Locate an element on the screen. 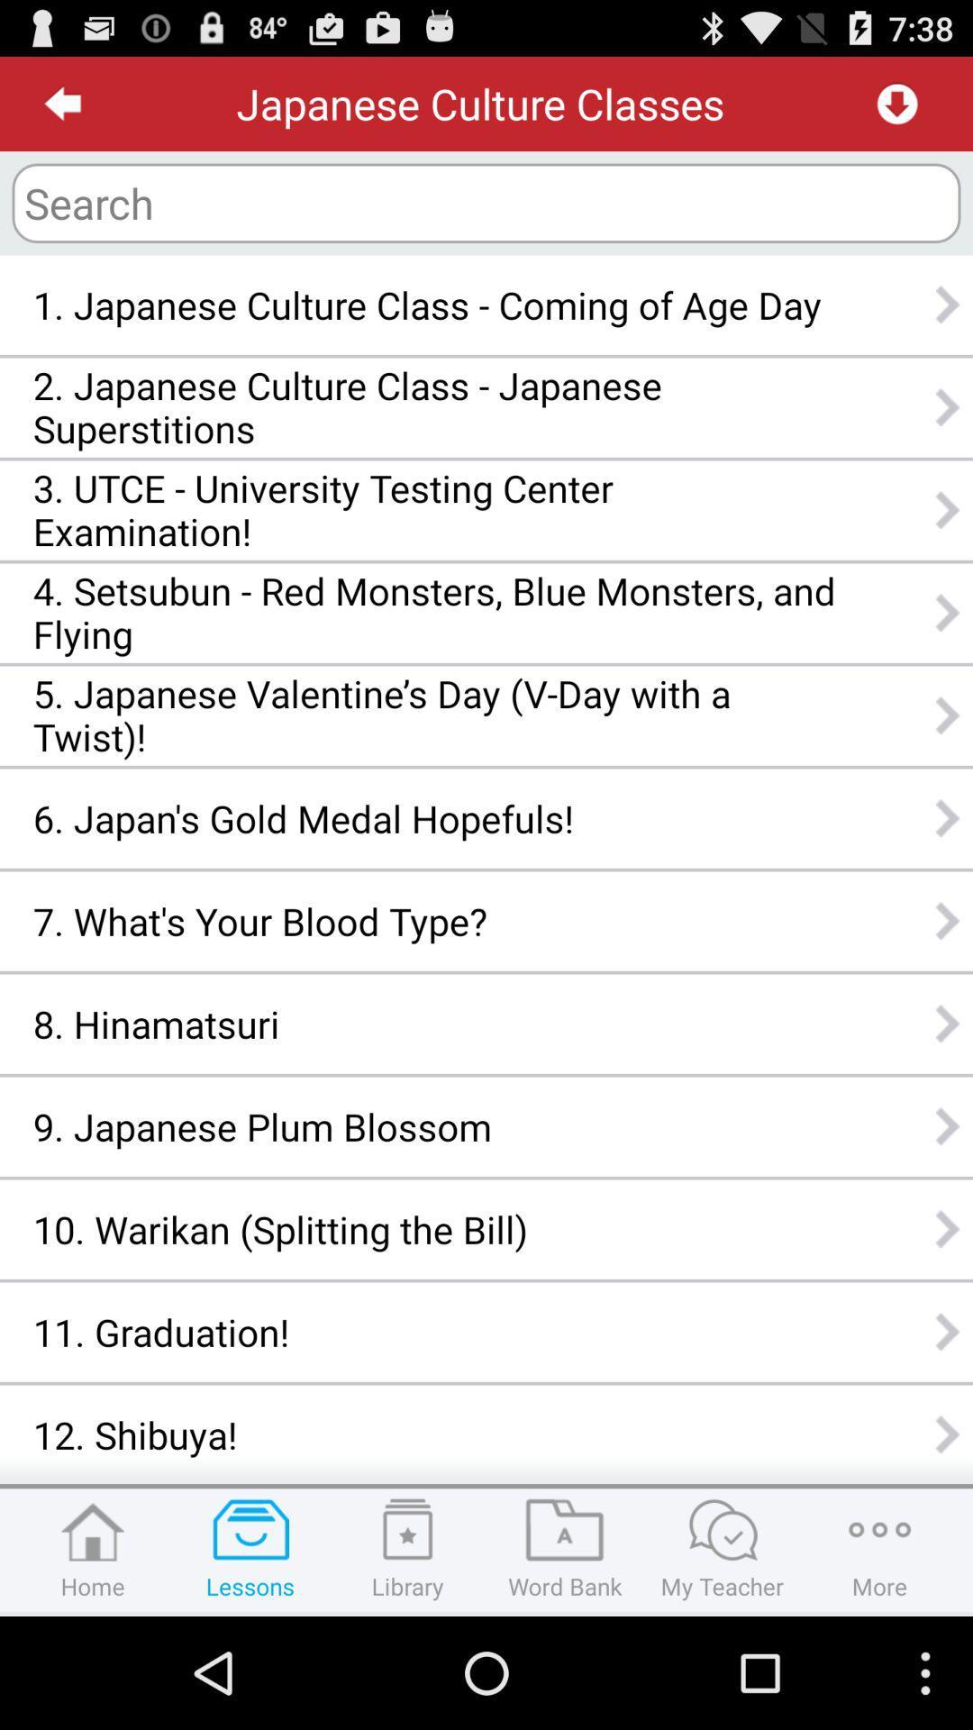 The image size is (973, 1730). the 4 setsubun red is located at coordinates (434, 613).